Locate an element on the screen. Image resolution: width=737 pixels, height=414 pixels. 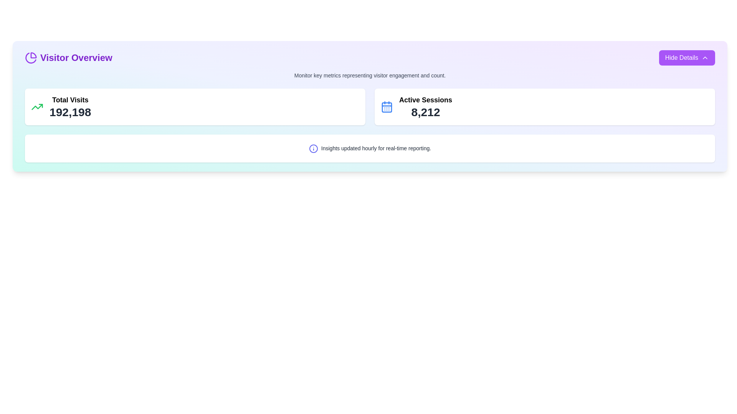
the decorative icon representing the 'Visitor Overview' section, located to the left of the text 'Visitor Overview' is located at coordinates (31, 57).